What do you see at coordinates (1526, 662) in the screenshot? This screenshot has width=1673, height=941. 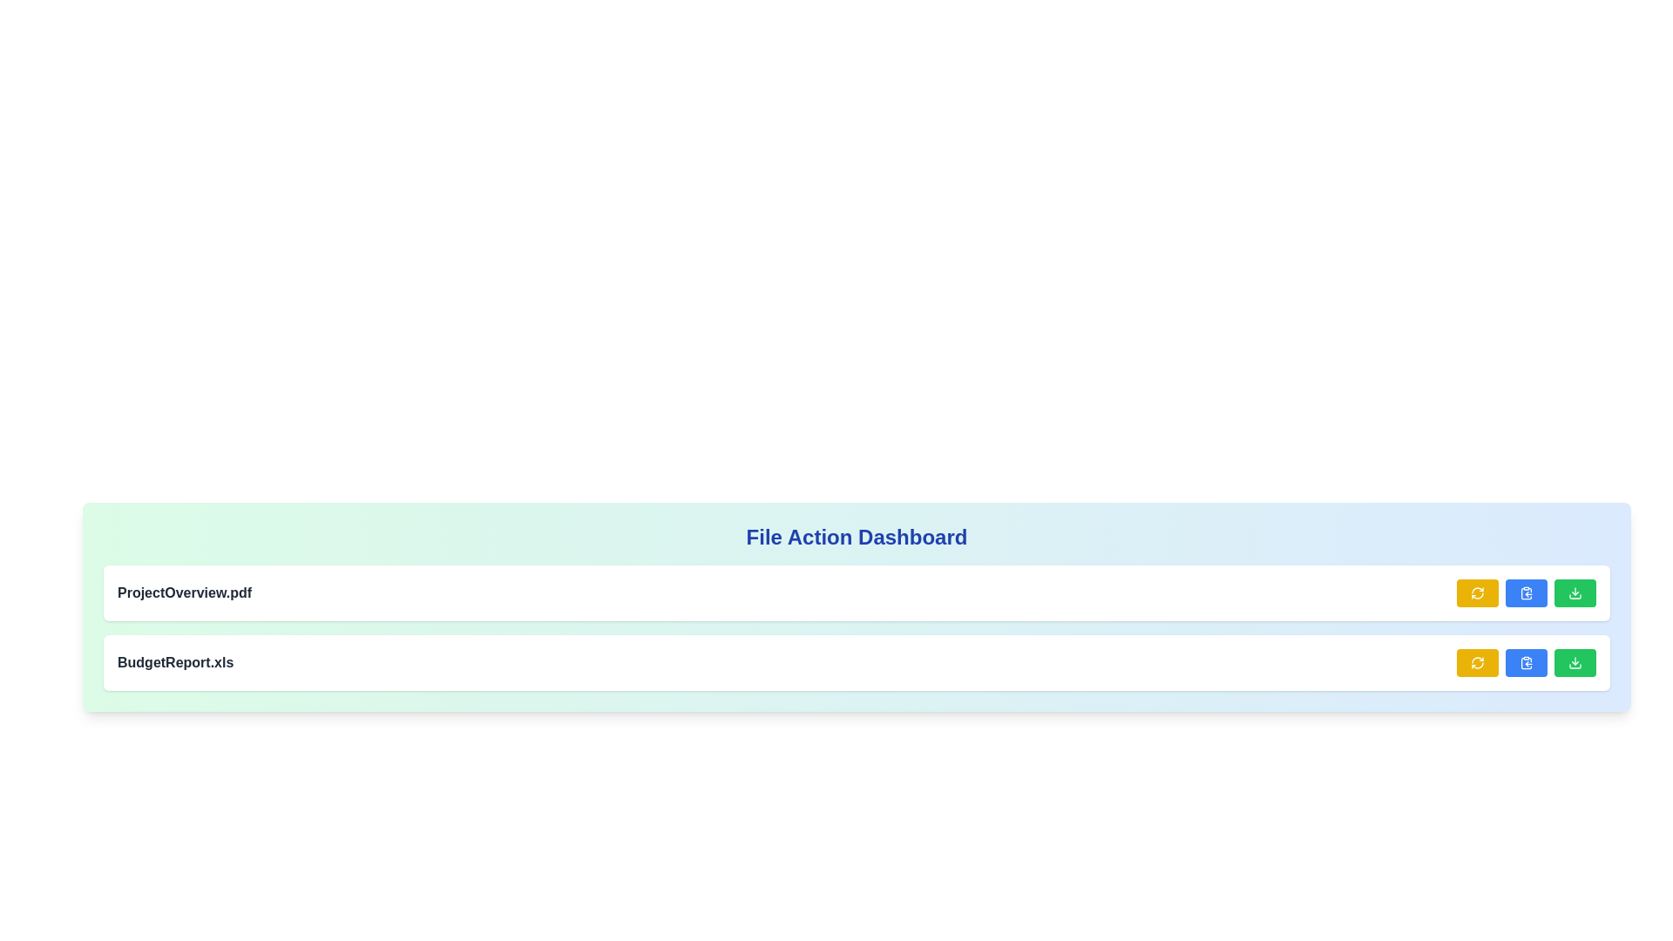 I see `the blue icon button with a clipboard and document symbol located to the right of the second file entry ('BudgetReport.xls')` at bounding box center [1526, 662].